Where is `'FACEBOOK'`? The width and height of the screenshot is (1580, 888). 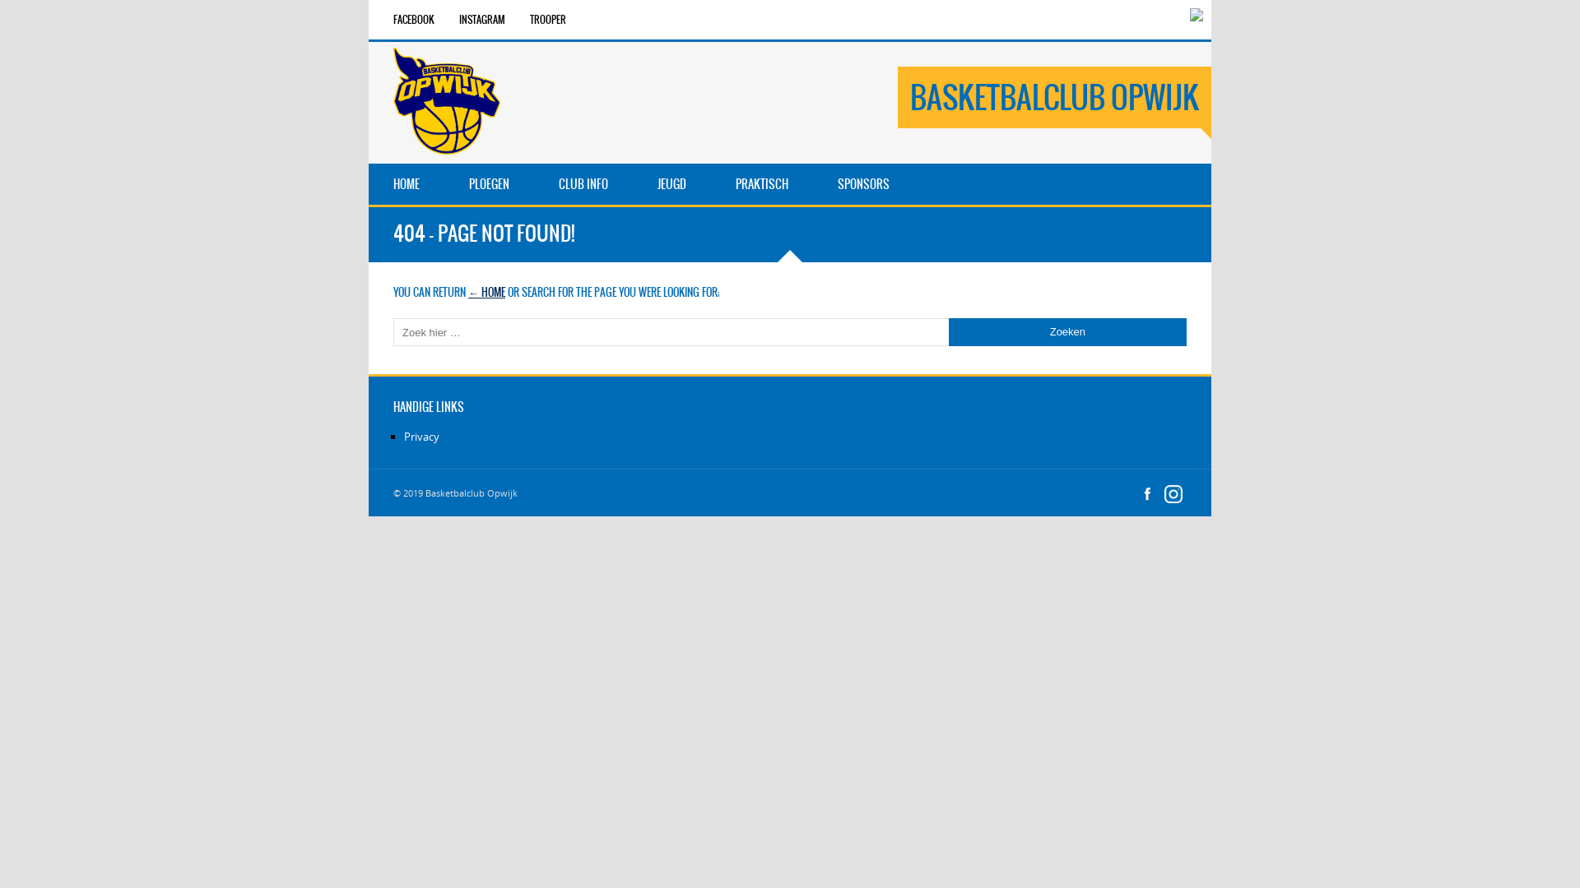 'FACEBOOK' is located at coordinates (414, 19).